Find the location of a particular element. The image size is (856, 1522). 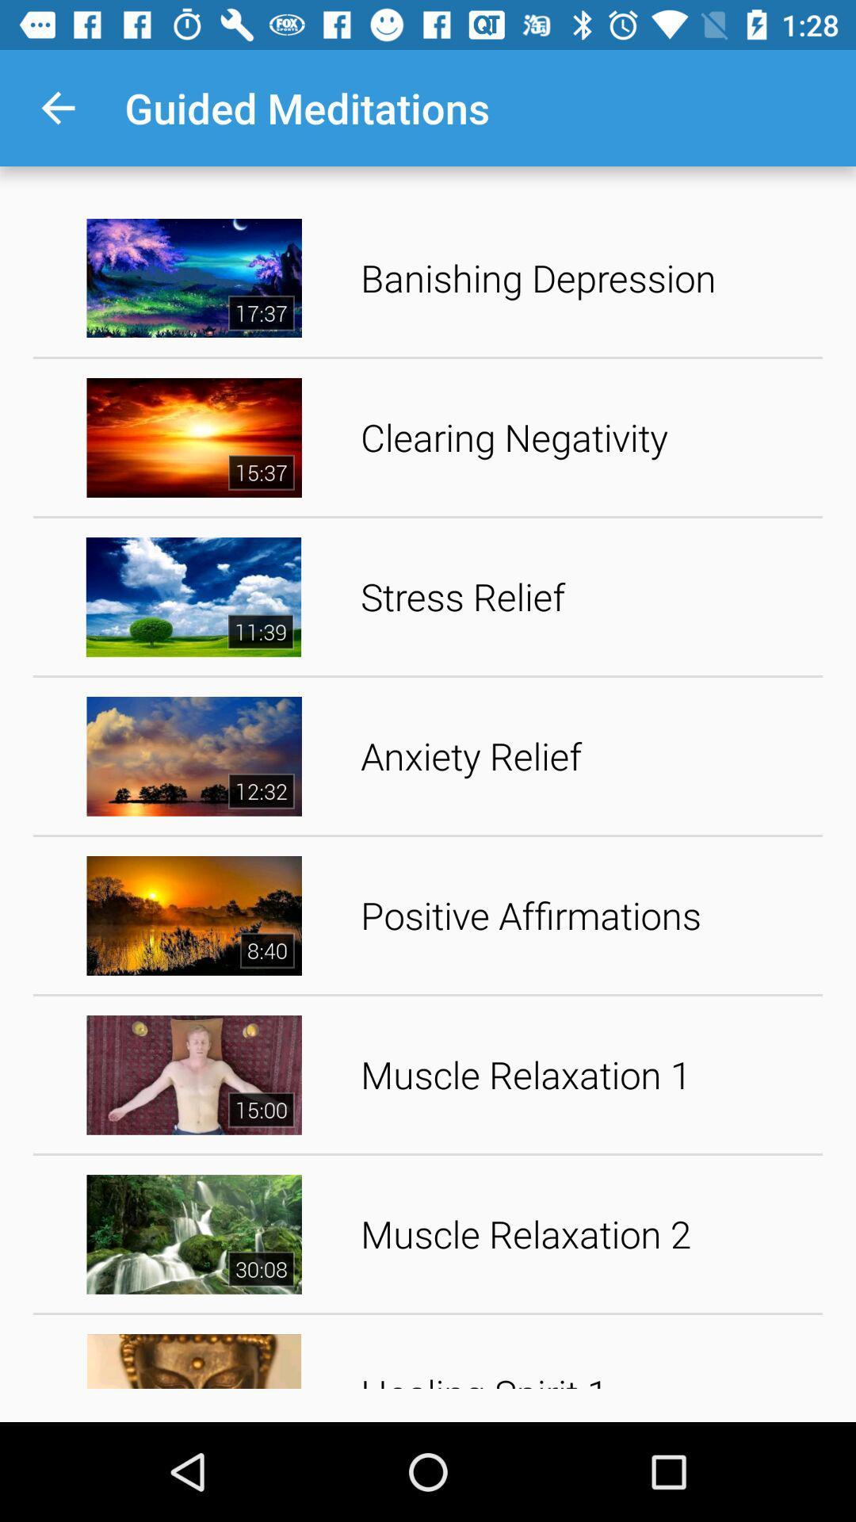

second option image is located at coordinates (193, 438).